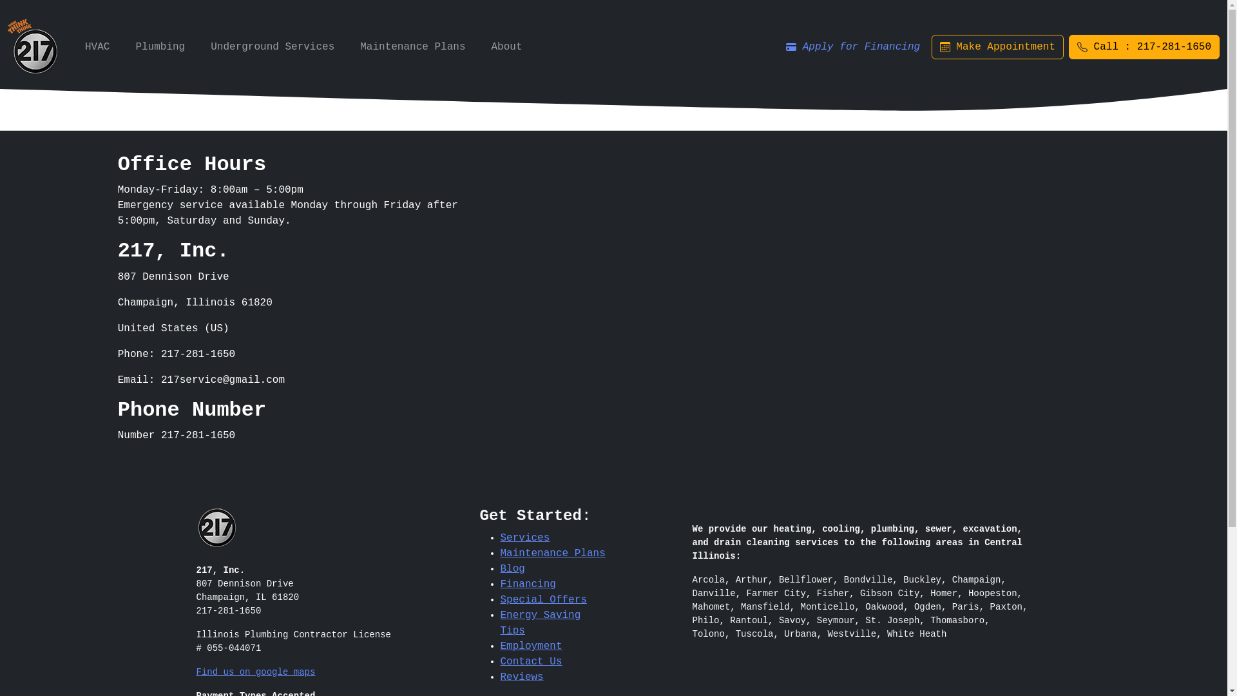 The image size is (1237, 696). I want to click on 'Financing', so click(528, 584).